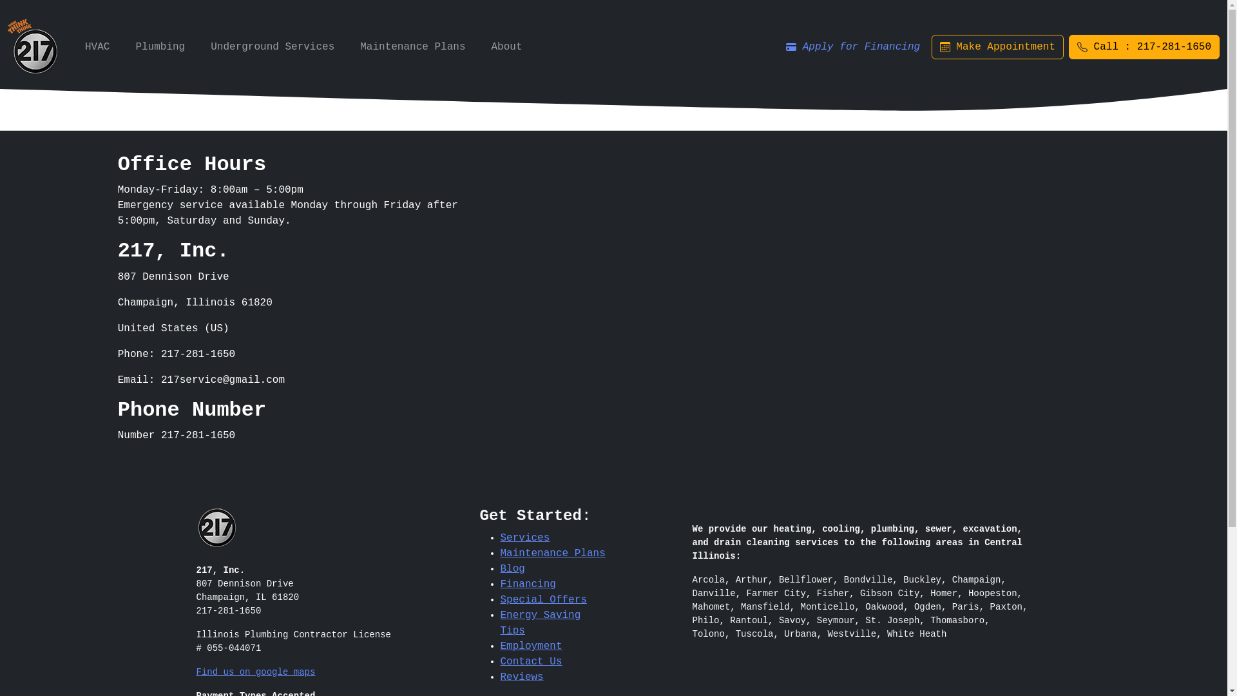 The image size is (1237, 696). I want to click on 'Financing', so click(528, 584).